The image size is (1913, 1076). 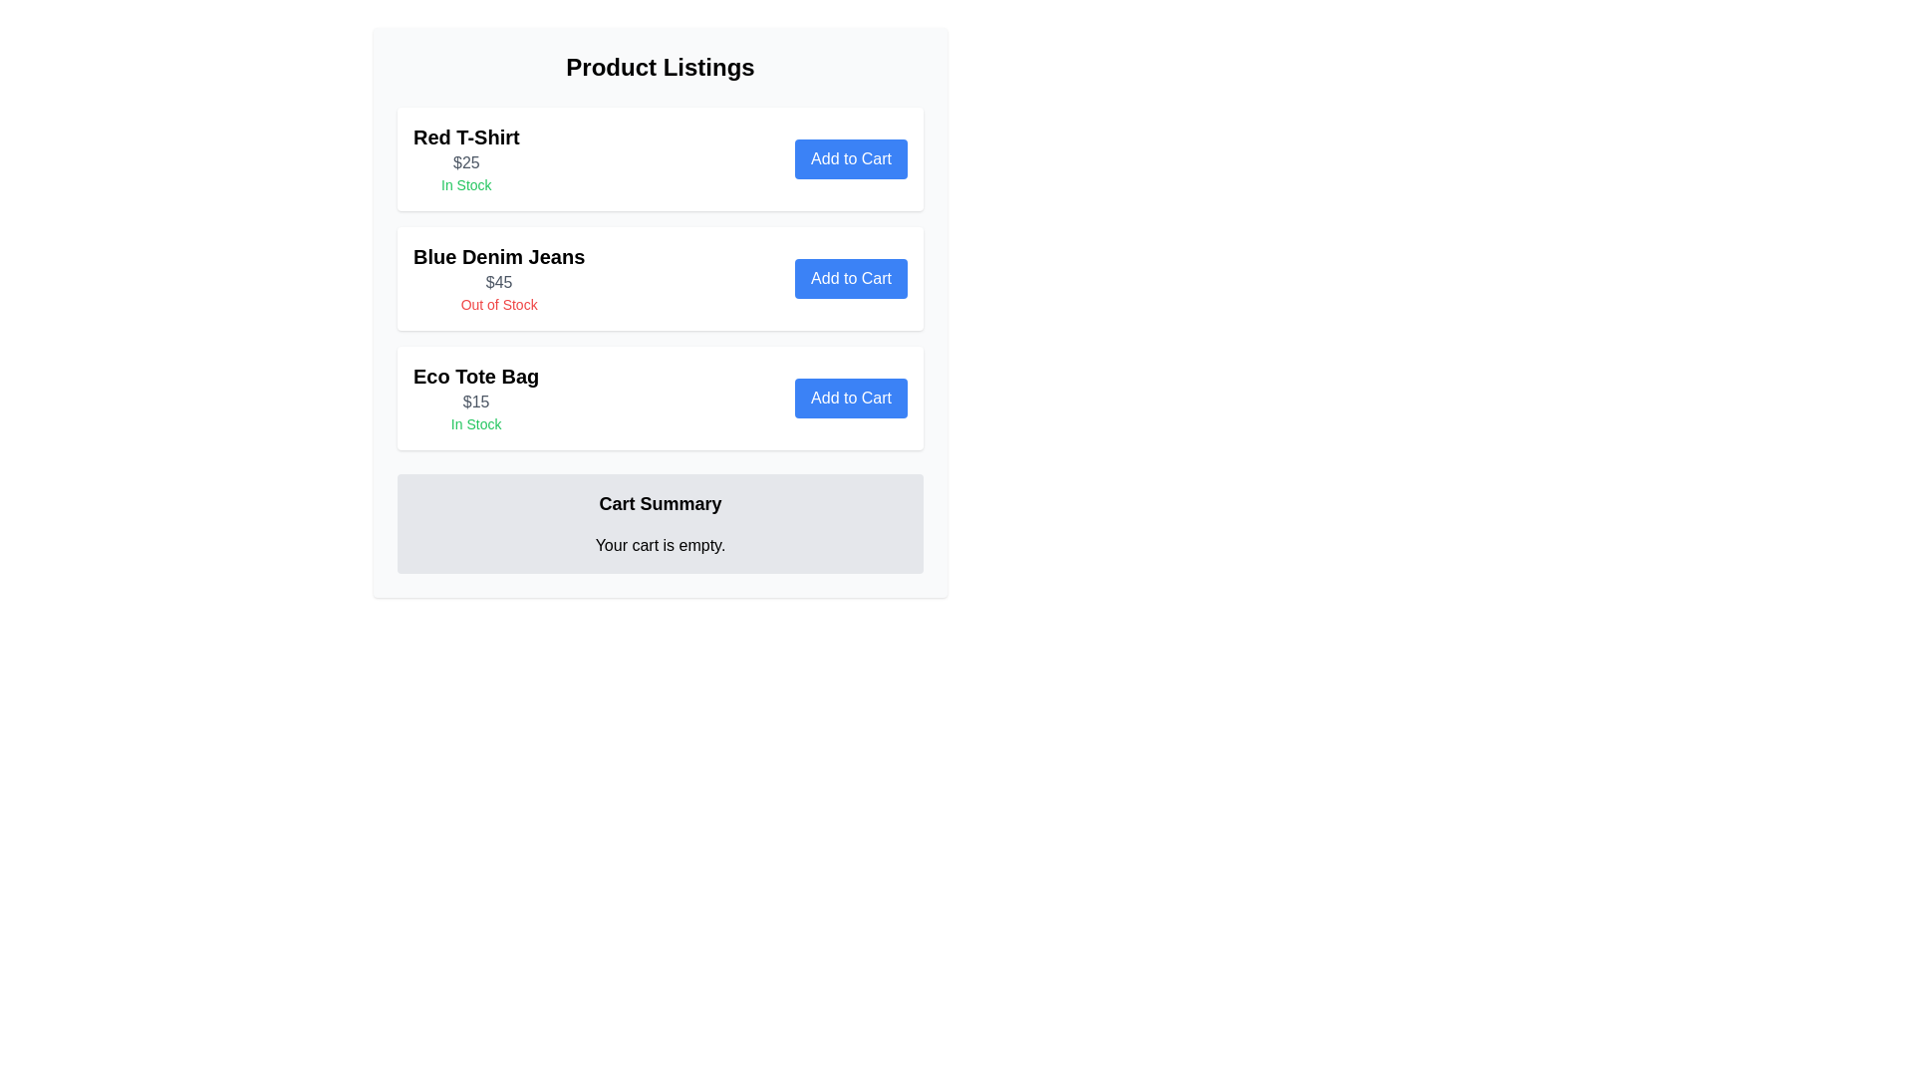 What do you see at coordinates (475, 399) in the screenshot?
I see `the product information label displaying 'Eco Tote Bag', which includes the title, price, and stock status` at bounding box center [475, 399].